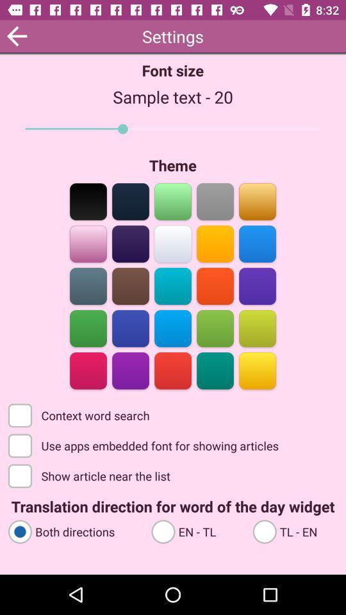 This screenshot has height=615, width=346. I want to click on color selection, so click(88, 285).